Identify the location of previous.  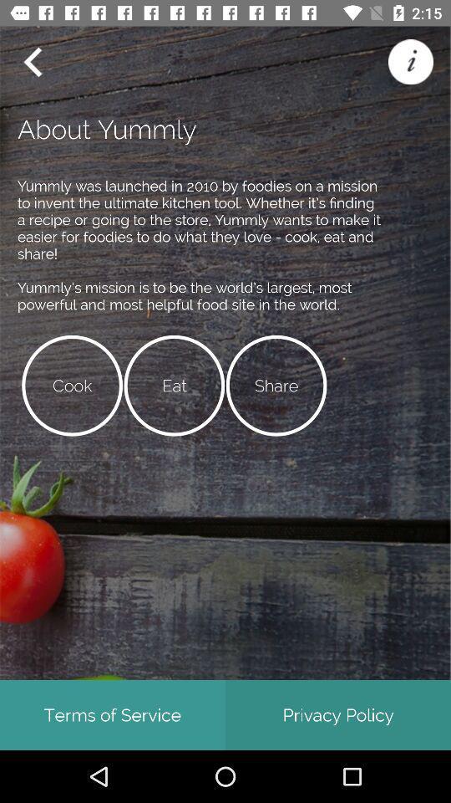
(32, 62).